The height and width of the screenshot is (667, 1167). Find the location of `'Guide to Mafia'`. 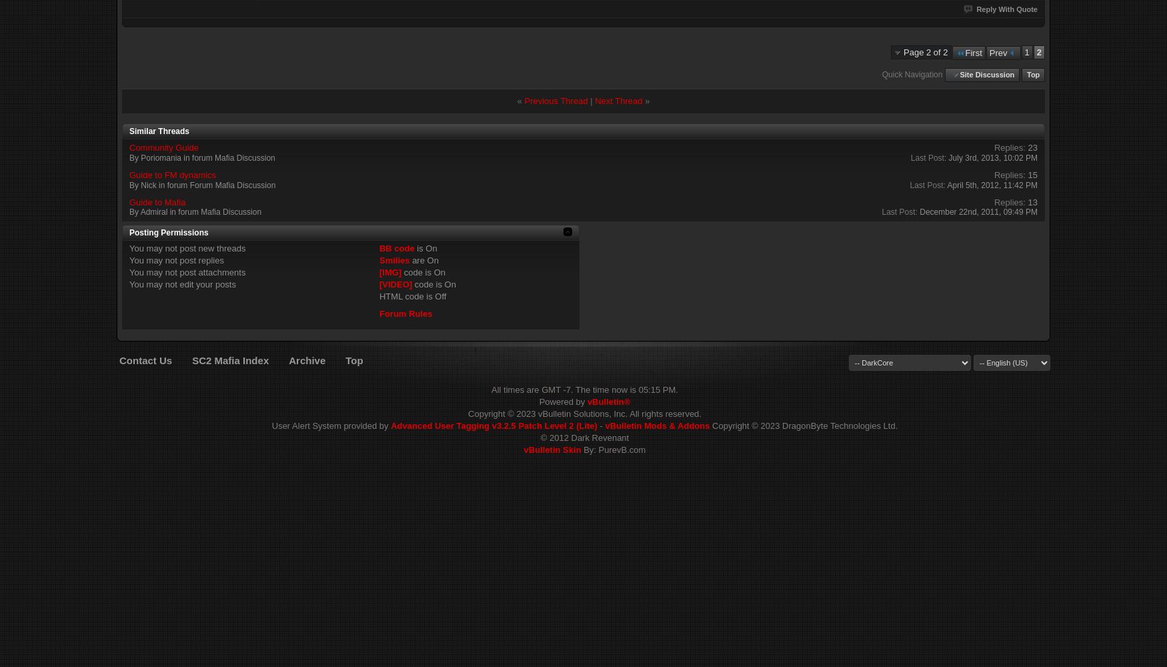

'Guide to Mafia' is located at coordinates (157, 201).